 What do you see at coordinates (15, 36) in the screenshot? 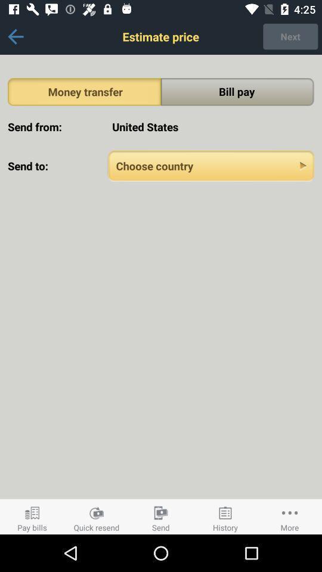
I see `the icon next to the estimate price` at bounding box center [15, 36].